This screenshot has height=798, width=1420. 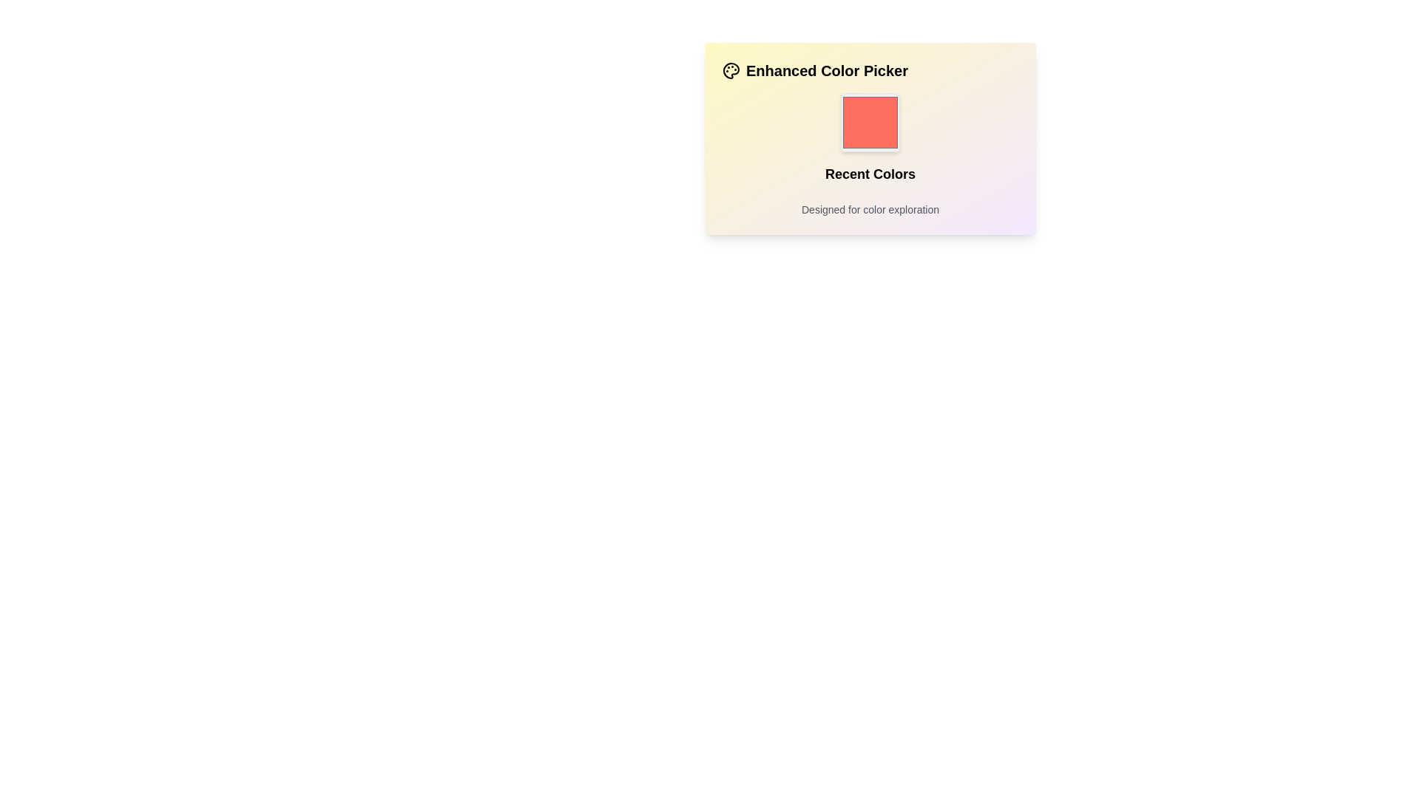 What do you see at coordinates (870, 139) in the screenshot?
I see `the interactive color preview box in the Enhanced Color Picker information panel to initiate a color selection` at bounding box center [870, 139].